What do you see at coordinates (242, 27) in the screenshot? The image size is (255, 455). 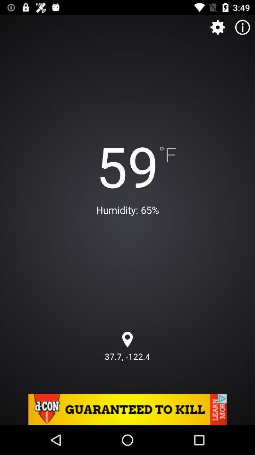 I see `the info icon` at bounding box center [242, 27].